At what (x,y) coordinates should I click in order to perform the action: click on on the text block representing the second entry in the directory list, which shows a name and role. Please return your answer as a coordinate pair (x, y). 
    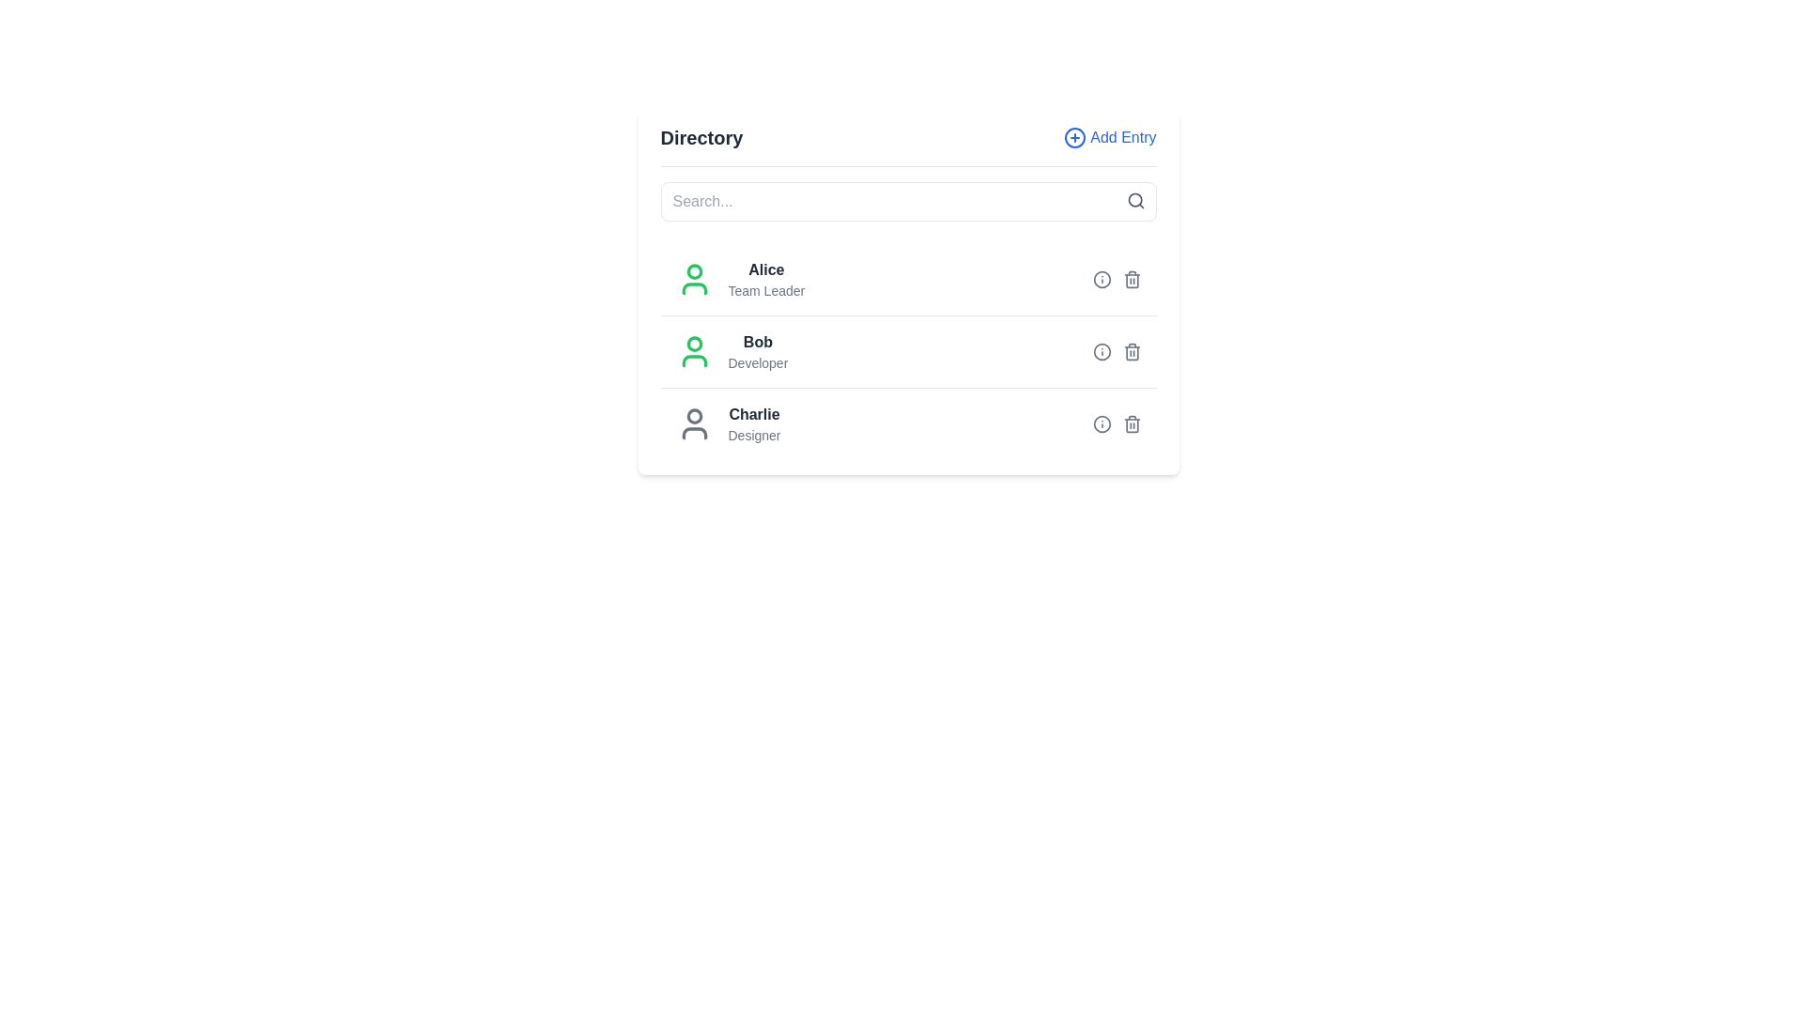
    Looking at the image, I should click on (758, 351).